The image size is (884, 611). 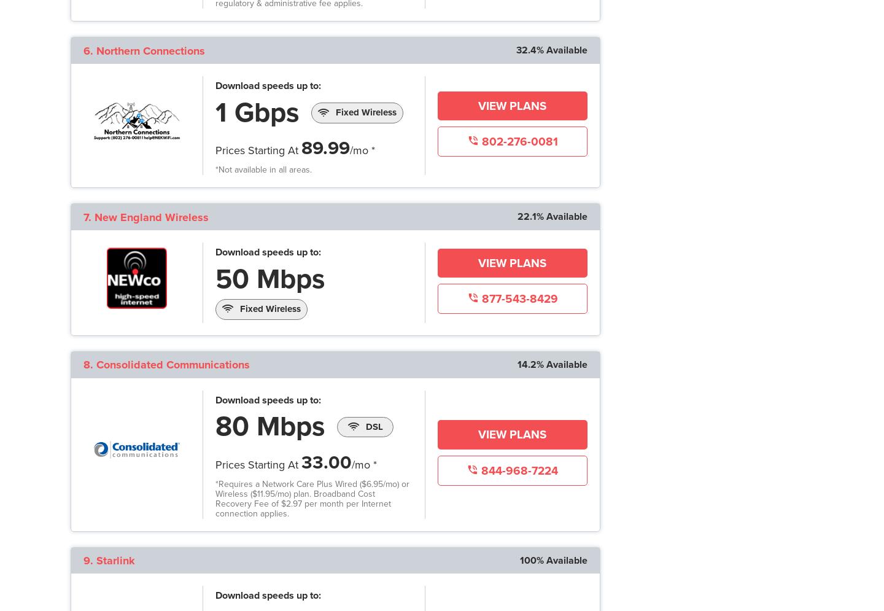 I want to click on '100% Available', so click(x=553, y=559).